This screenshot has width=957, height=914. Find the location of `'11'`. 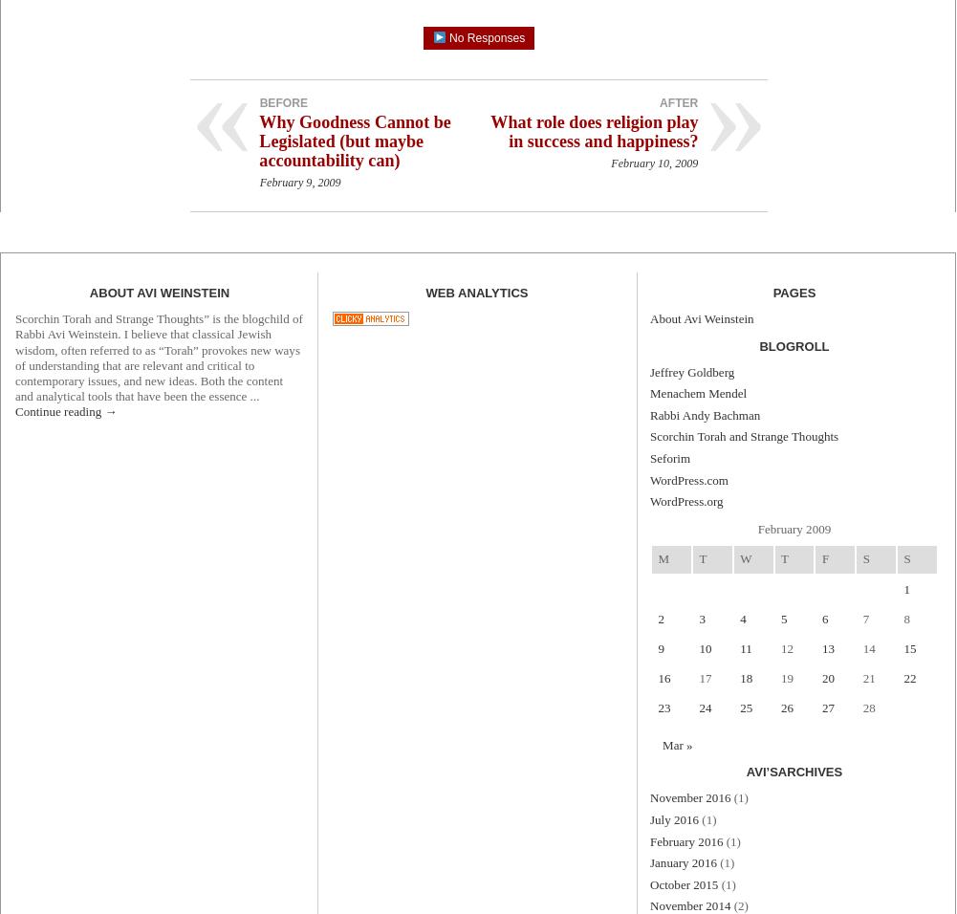

'11' is located at coordinates (745, 647).